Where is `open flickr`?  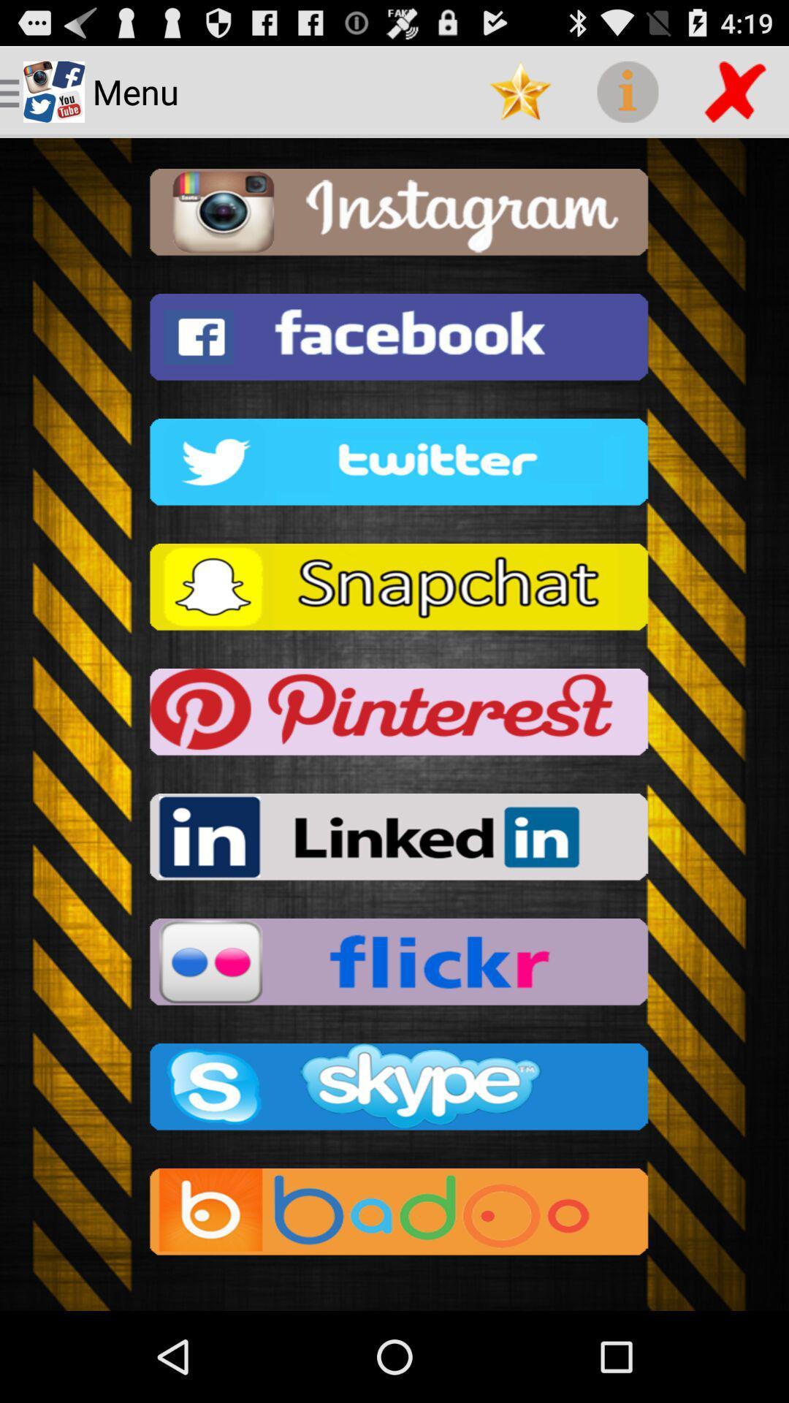
open flickr is located at coordinates (394, 966).